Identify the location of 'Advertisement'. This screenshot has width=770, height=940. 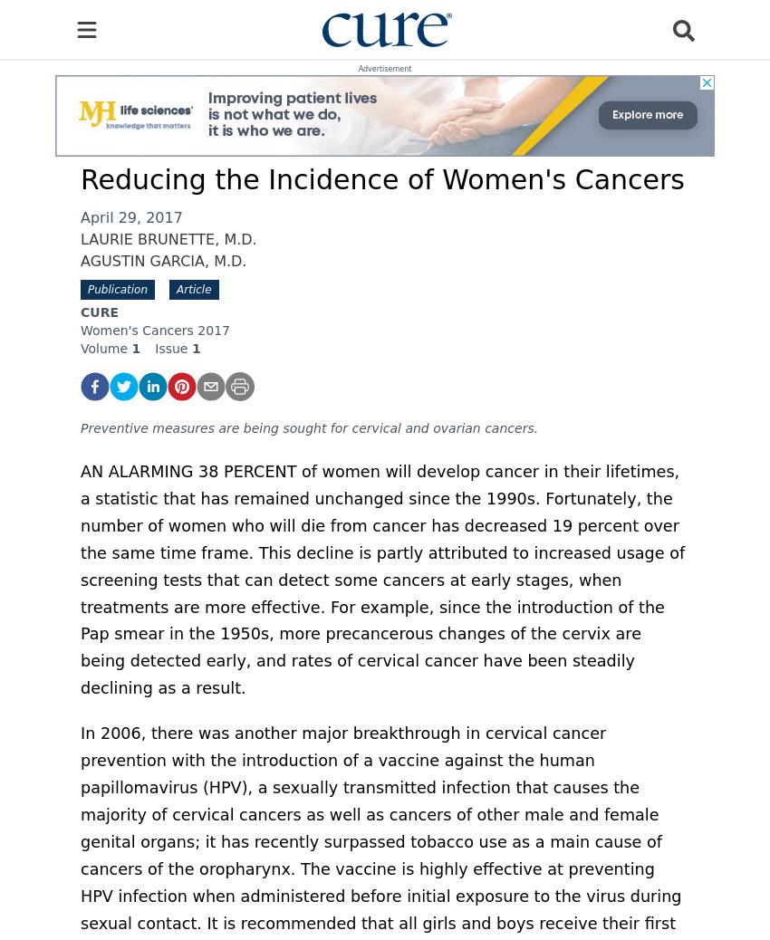
(384, 68).